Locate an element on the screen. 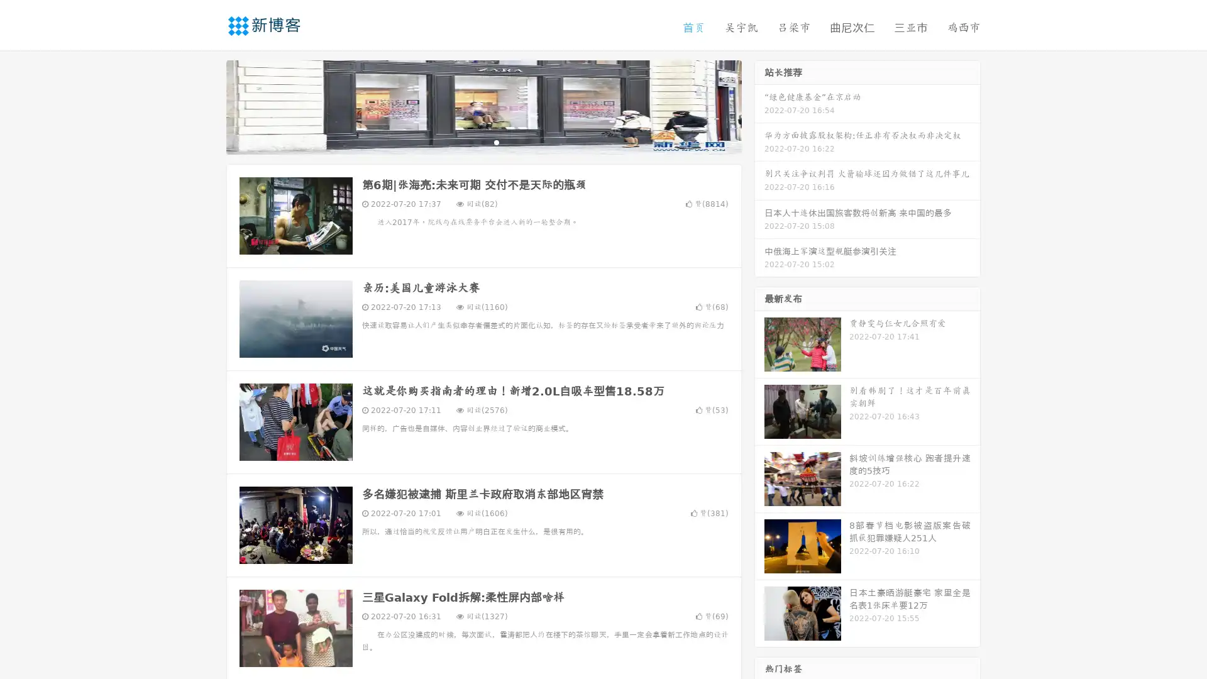 The height and width of the screenshot is (679, 1207). Go to slide 2 is located at coordinates (483, 141).